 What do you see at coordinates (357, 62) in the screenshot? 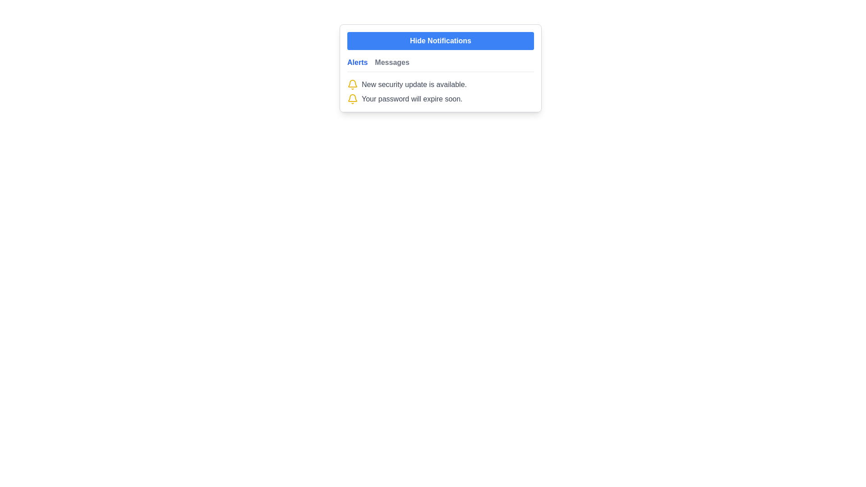
I see `the bold blue text link 'Alerts' located in the navigation bar at the top of the notification card` at bounding box center [357, 62].